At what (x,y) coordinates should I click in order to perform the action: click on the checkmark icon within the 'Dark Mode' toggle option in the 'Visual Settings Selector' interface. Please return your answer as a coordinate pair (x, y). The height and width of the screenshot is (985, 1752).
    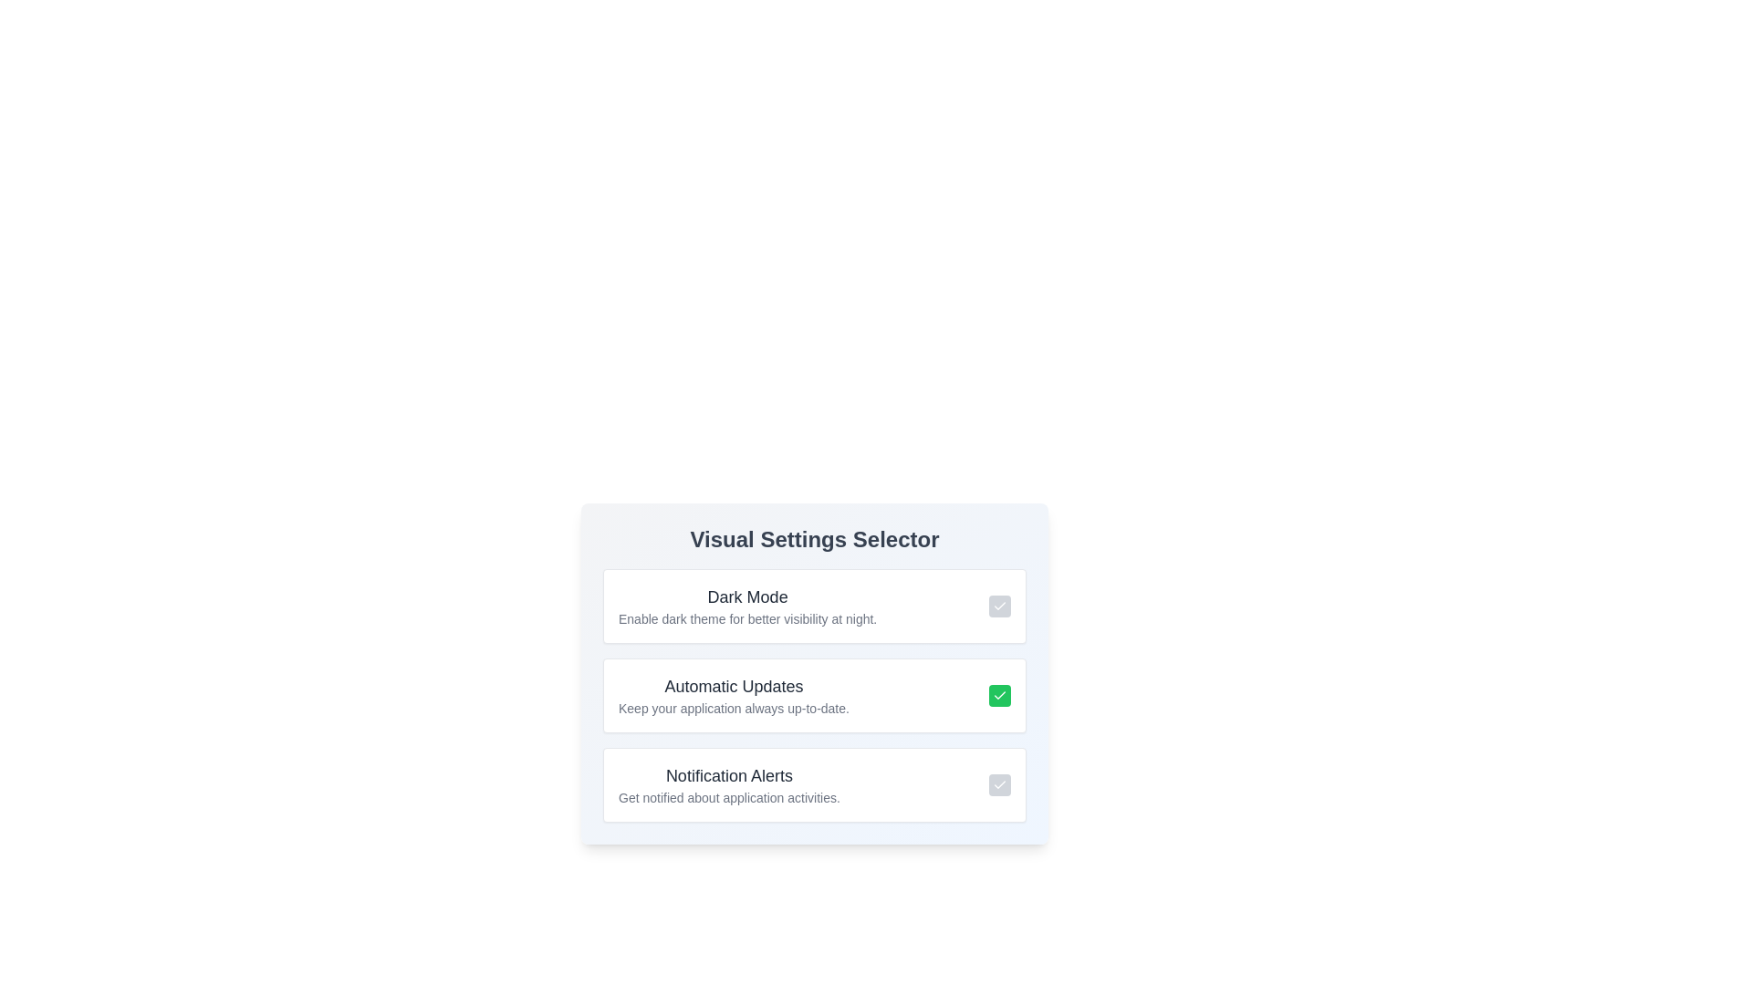
    Looking at the image, I should click on (998, 606).